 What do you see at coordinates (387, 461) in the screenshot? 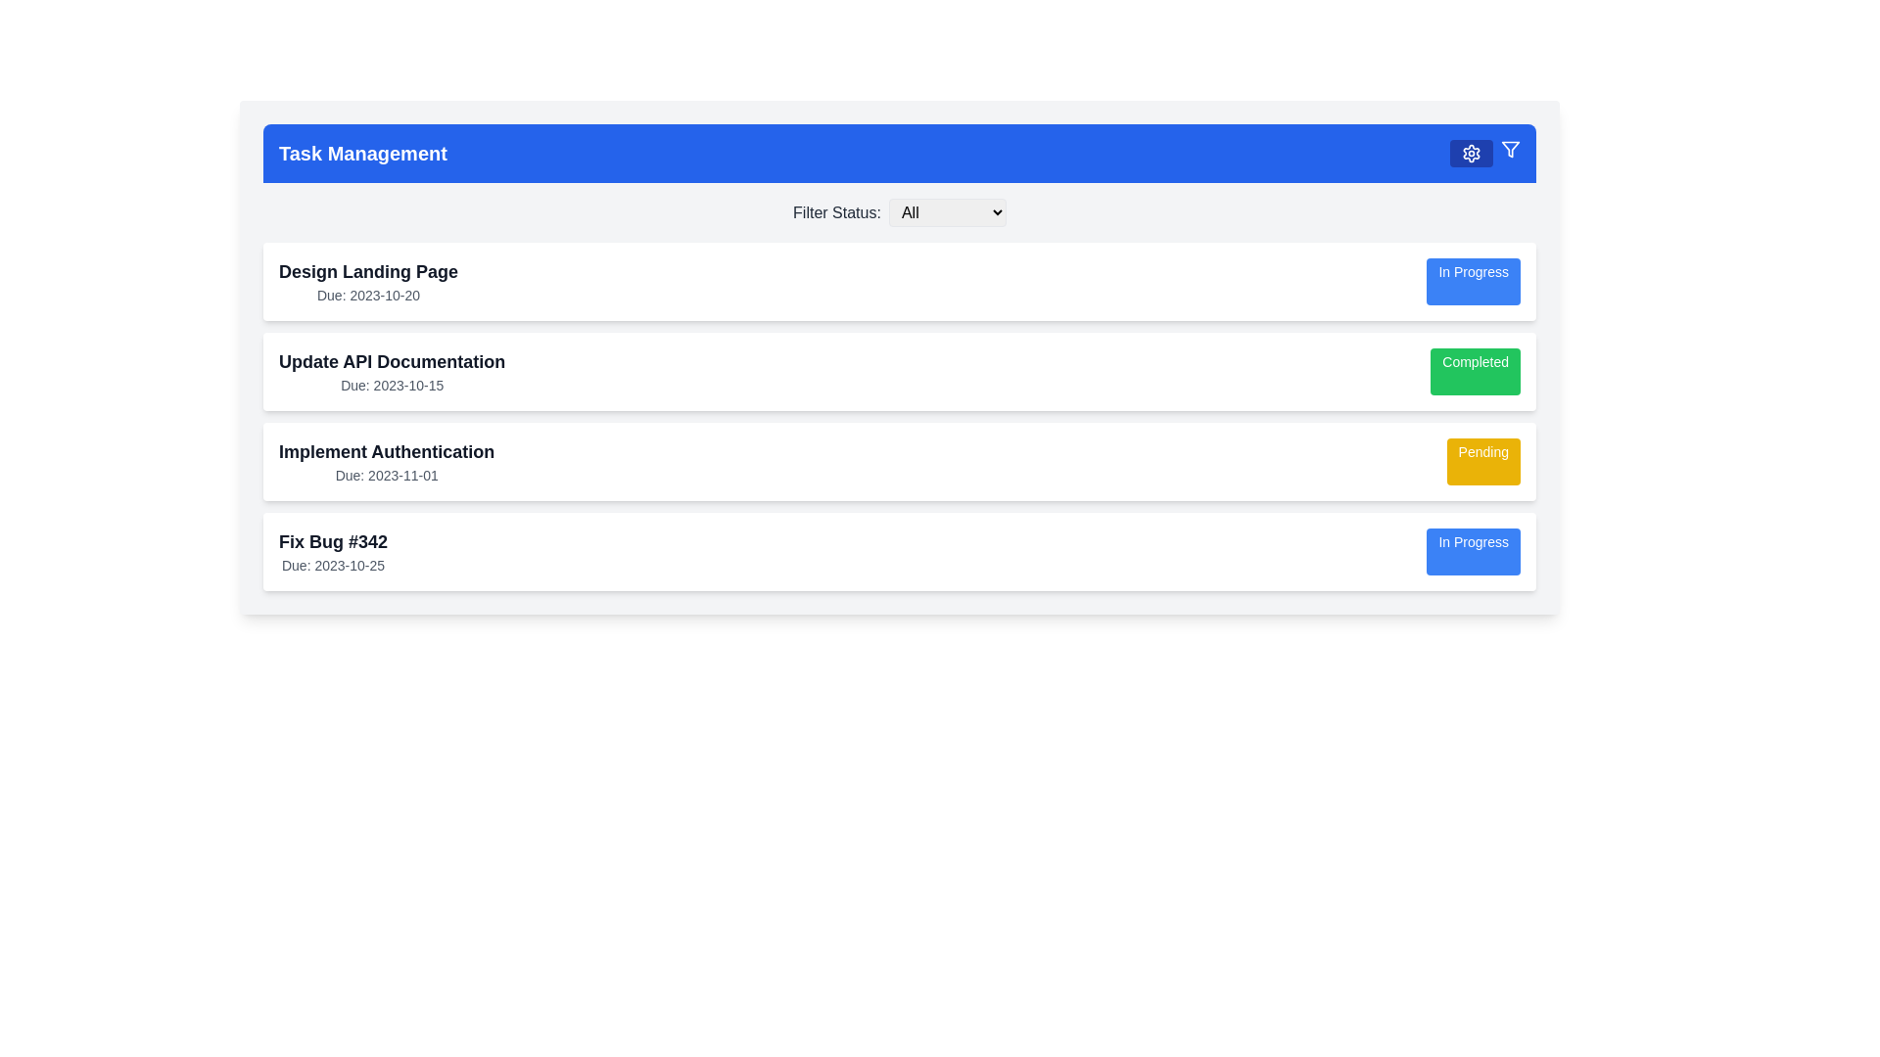
I see `the Text block representing the task 'Implement Authentication' within the task card, located between 'Update API Documentation' and 'Fix Bug #342'` at bounding box center [387, 461].